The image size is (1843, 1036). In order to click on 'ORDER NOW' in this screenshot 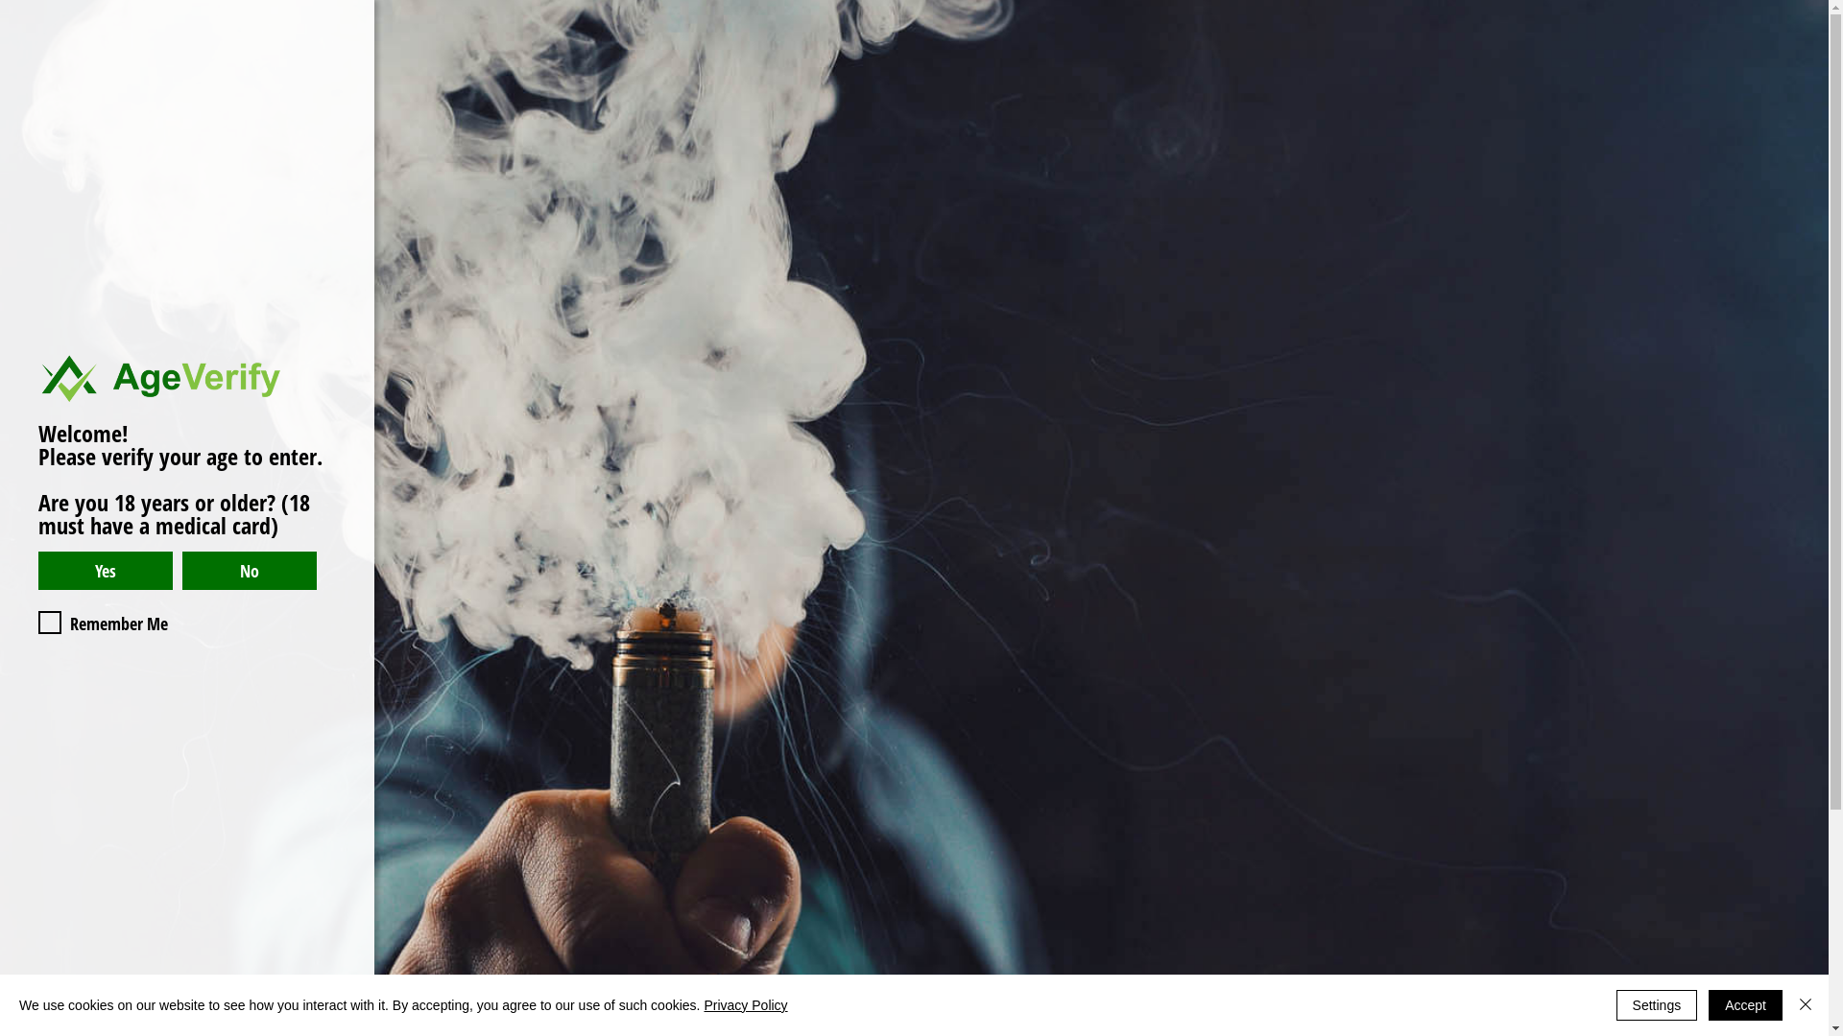, I will do `click(1677, 65)`.